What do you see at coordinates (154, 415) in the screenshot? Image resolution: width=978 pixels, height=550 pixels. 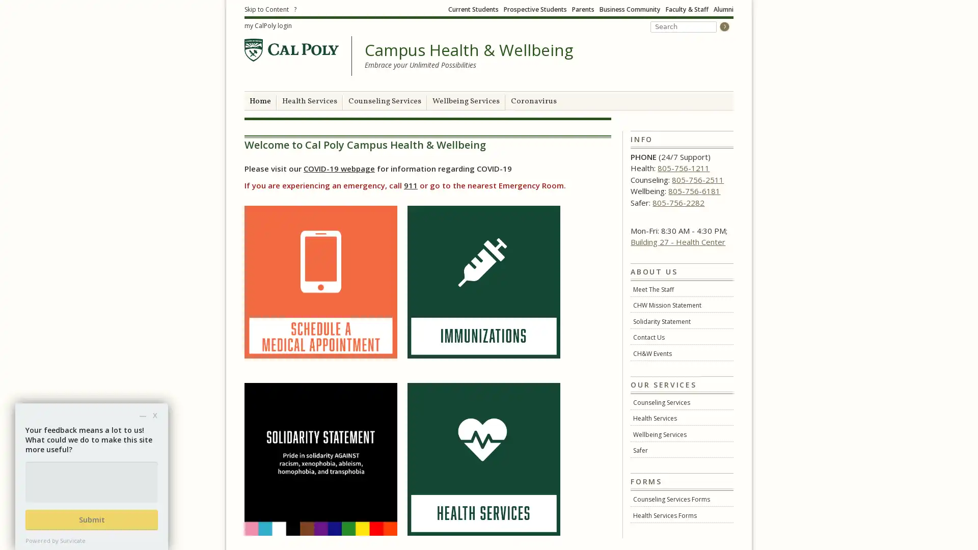 I see `close` at bounding box center [154, 415].